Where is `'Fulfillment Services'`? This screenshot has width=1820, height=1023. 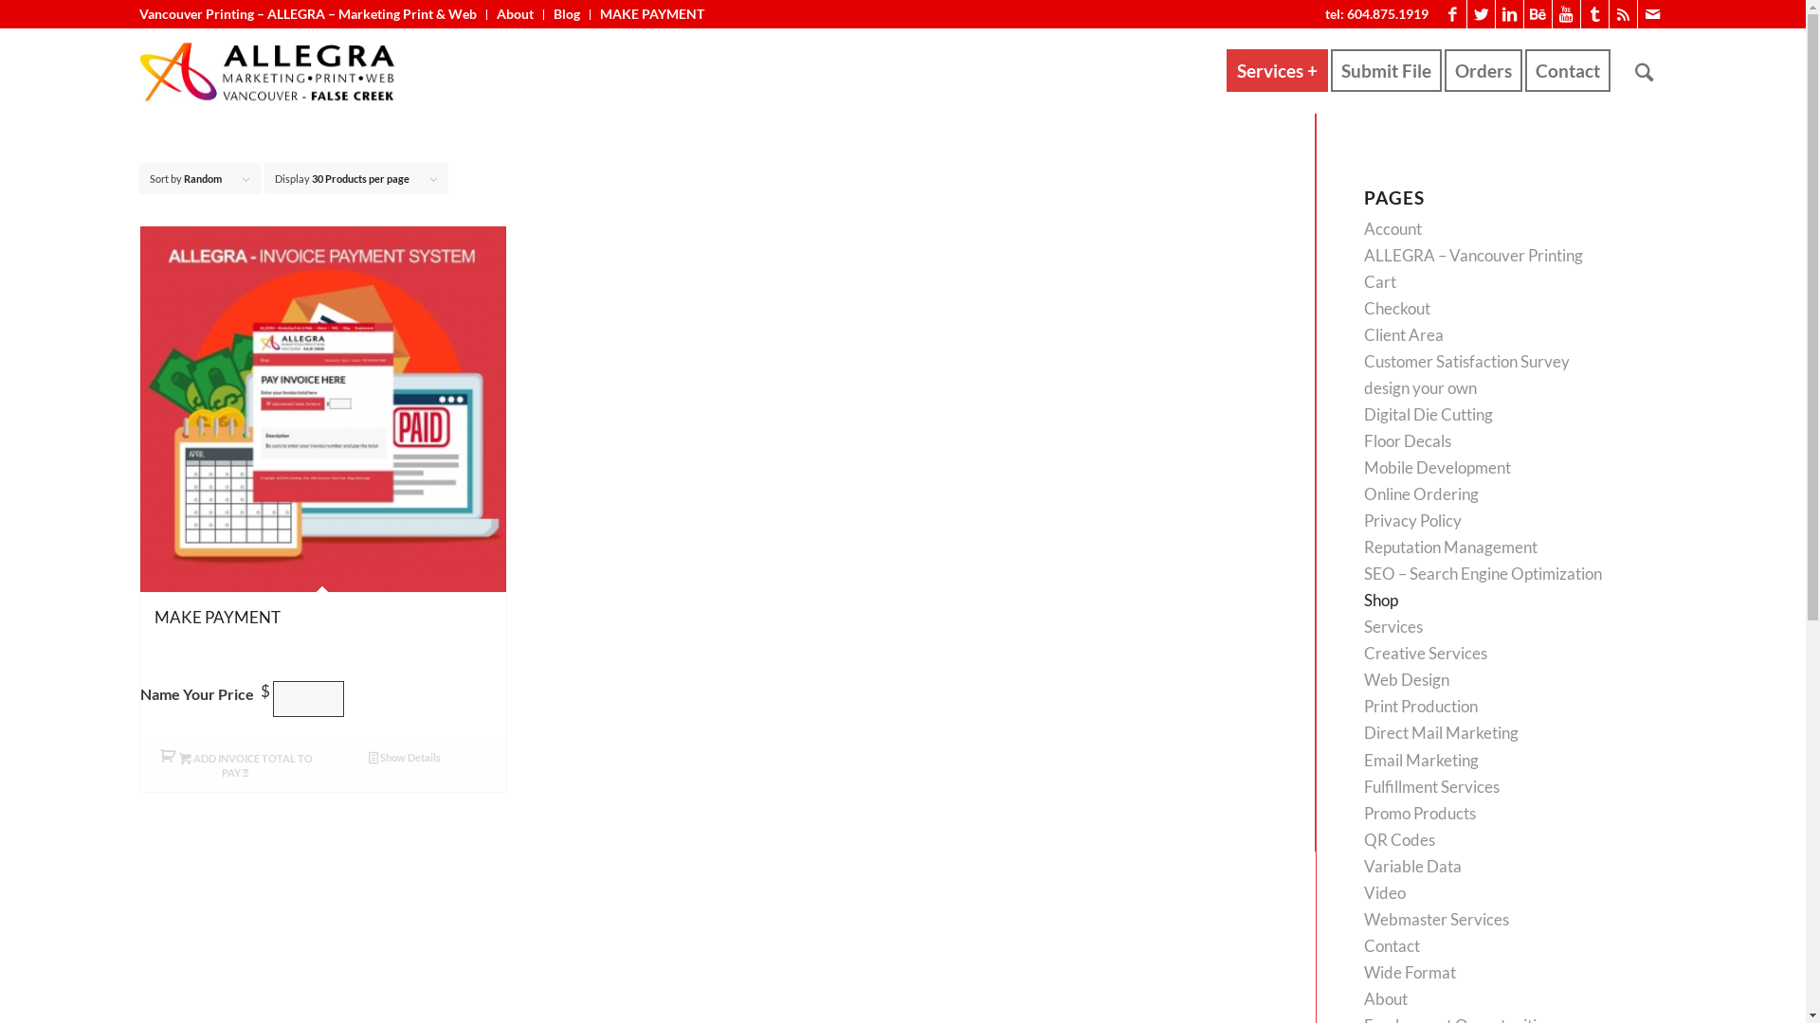 'Fulfillment Services' is located at coordinates (1431, 786).